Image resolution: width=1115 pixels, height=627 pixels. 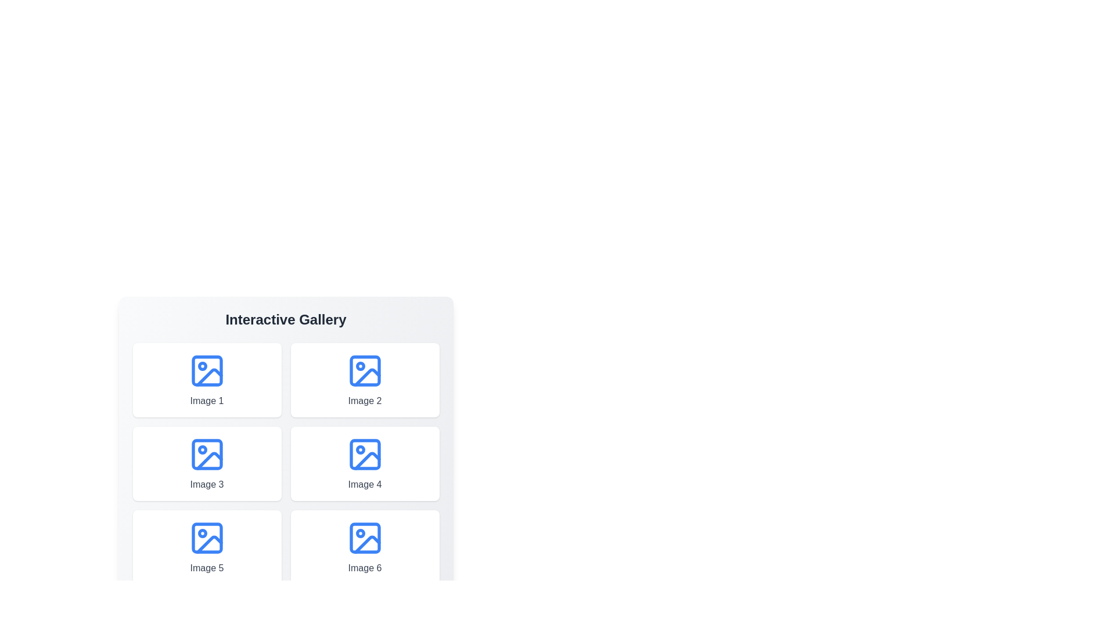 What do you see at coordinates (364, 463) in the screenshot?
I see `the image labeled Image 4 to view its details` at bounding box center [364, 463].